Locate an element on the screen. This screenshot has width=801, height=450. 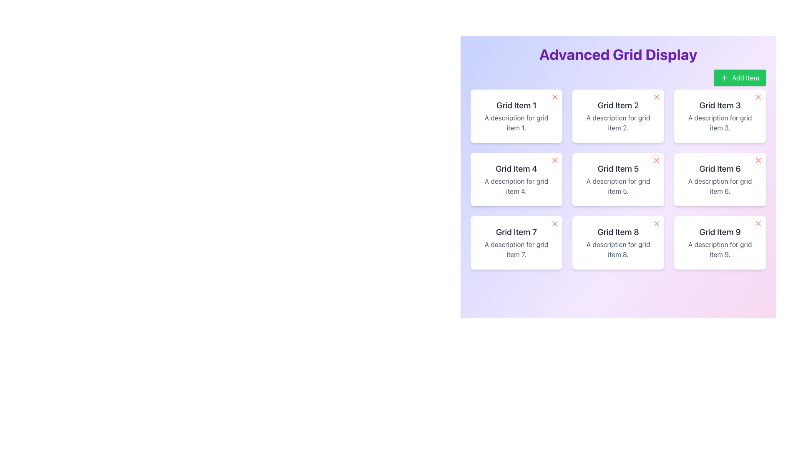
the Text label that provides supplementary information for the grid item titled 'Grid Item 3', located beneath its title within the panel is located at coordinates (720, 122).